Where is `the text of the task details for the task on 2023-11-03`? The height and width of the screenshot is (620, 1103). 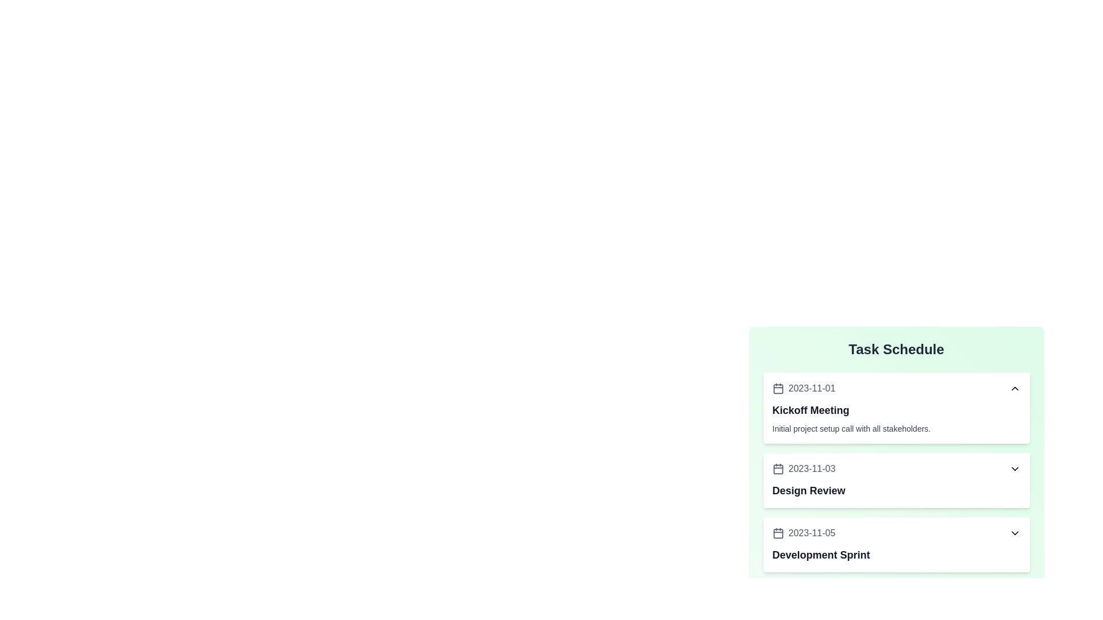 the text of the task details for the task on 2023-11-03 is located at coordinates (896, 480).